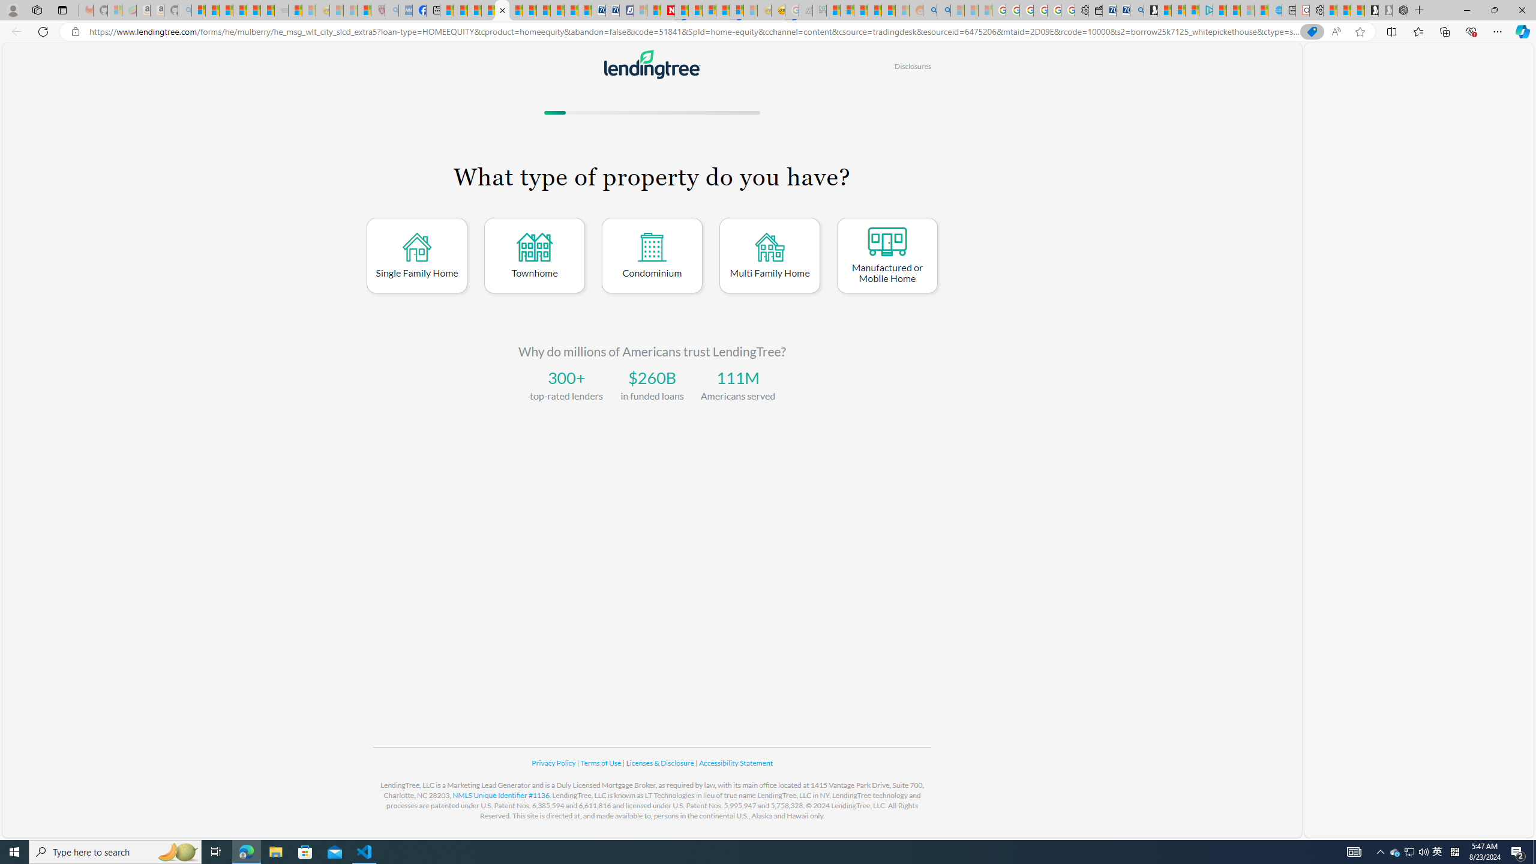  I want to click on 'Bing Real Estate - Home sales and rental listings', so click(1136, 10).